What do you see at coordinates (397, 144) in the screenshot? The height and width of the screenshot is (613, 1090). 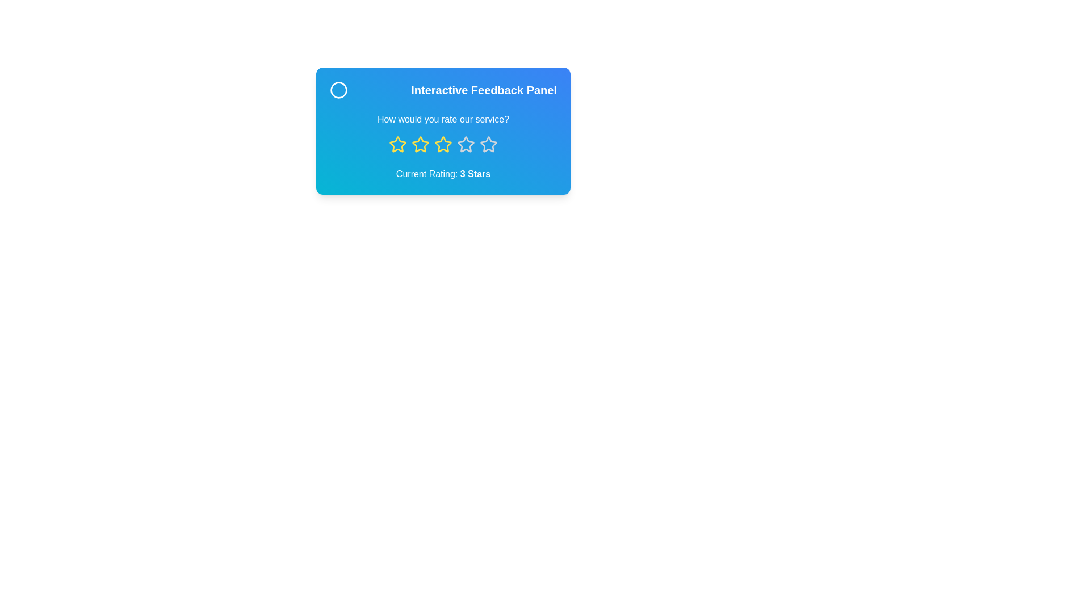 I see `the first yellow star icon in the rating system` at bounding box center [397, 144].